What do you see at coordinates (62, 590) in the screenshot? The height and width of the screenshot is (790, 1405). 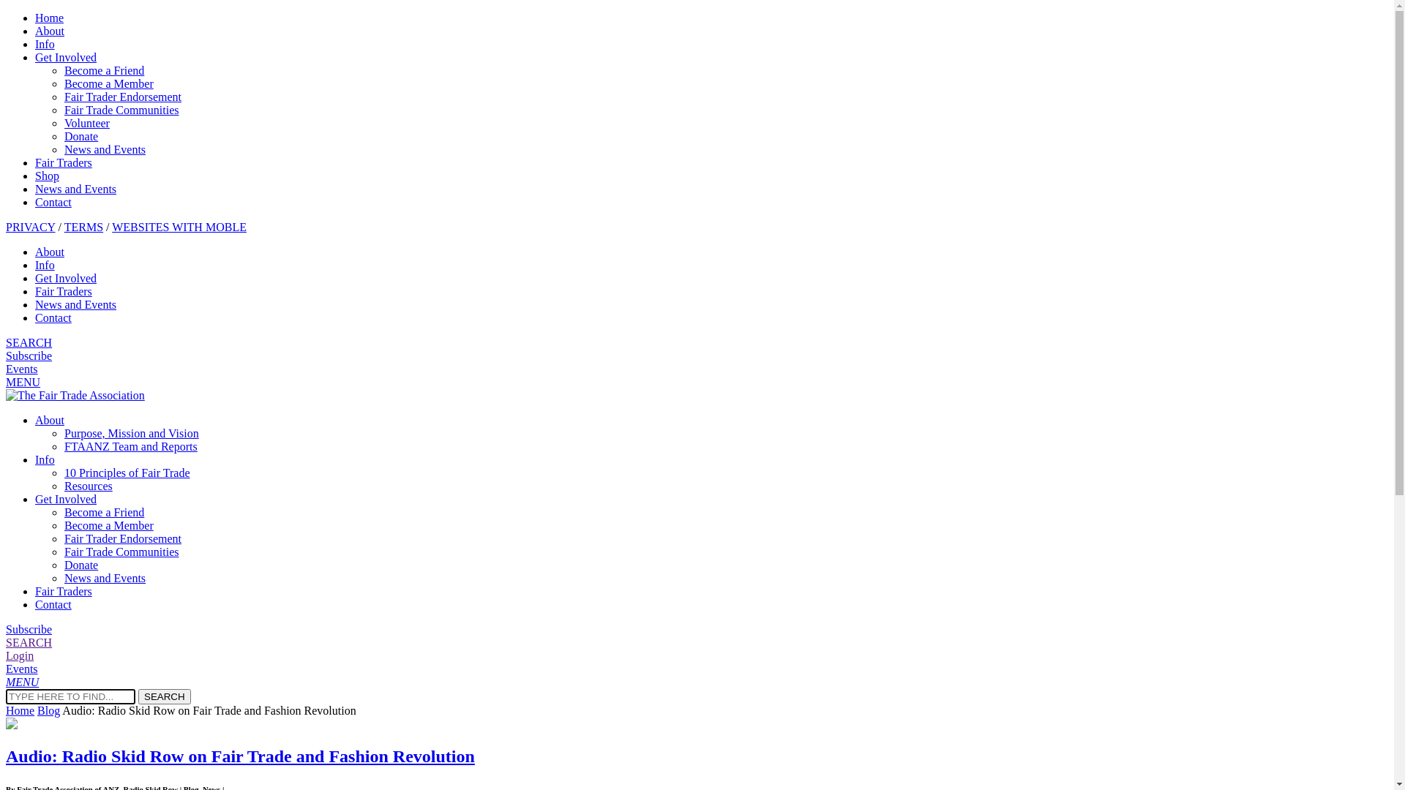 I see `'Fair Traders'` at bounding box center [62, 590].